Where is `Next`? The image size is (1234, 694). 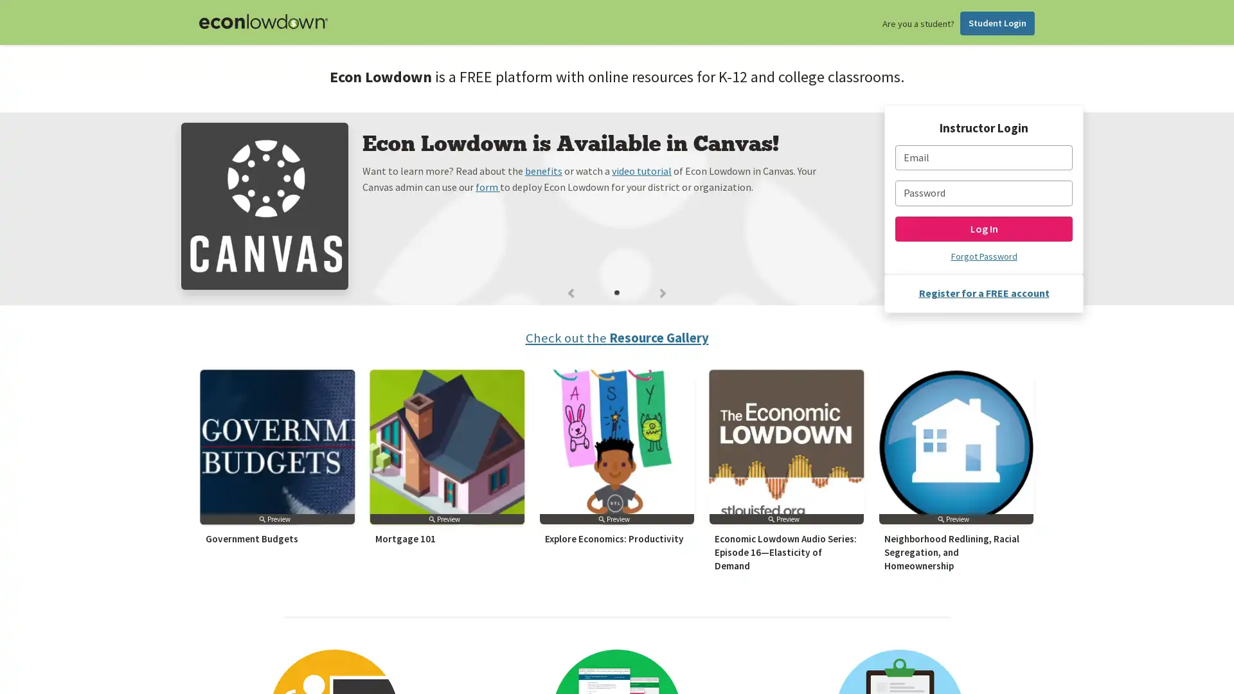
Next is located at coordinates (663, 292).